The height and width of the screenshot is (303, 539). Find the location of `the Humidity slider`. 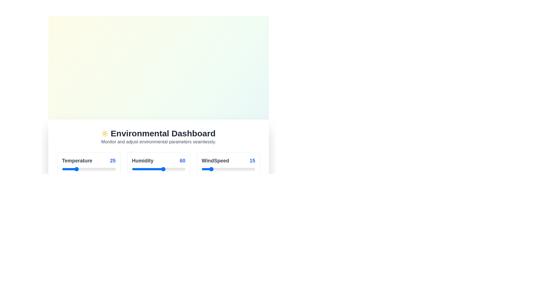

the Humidity slider is located at coordinates (138, 169).